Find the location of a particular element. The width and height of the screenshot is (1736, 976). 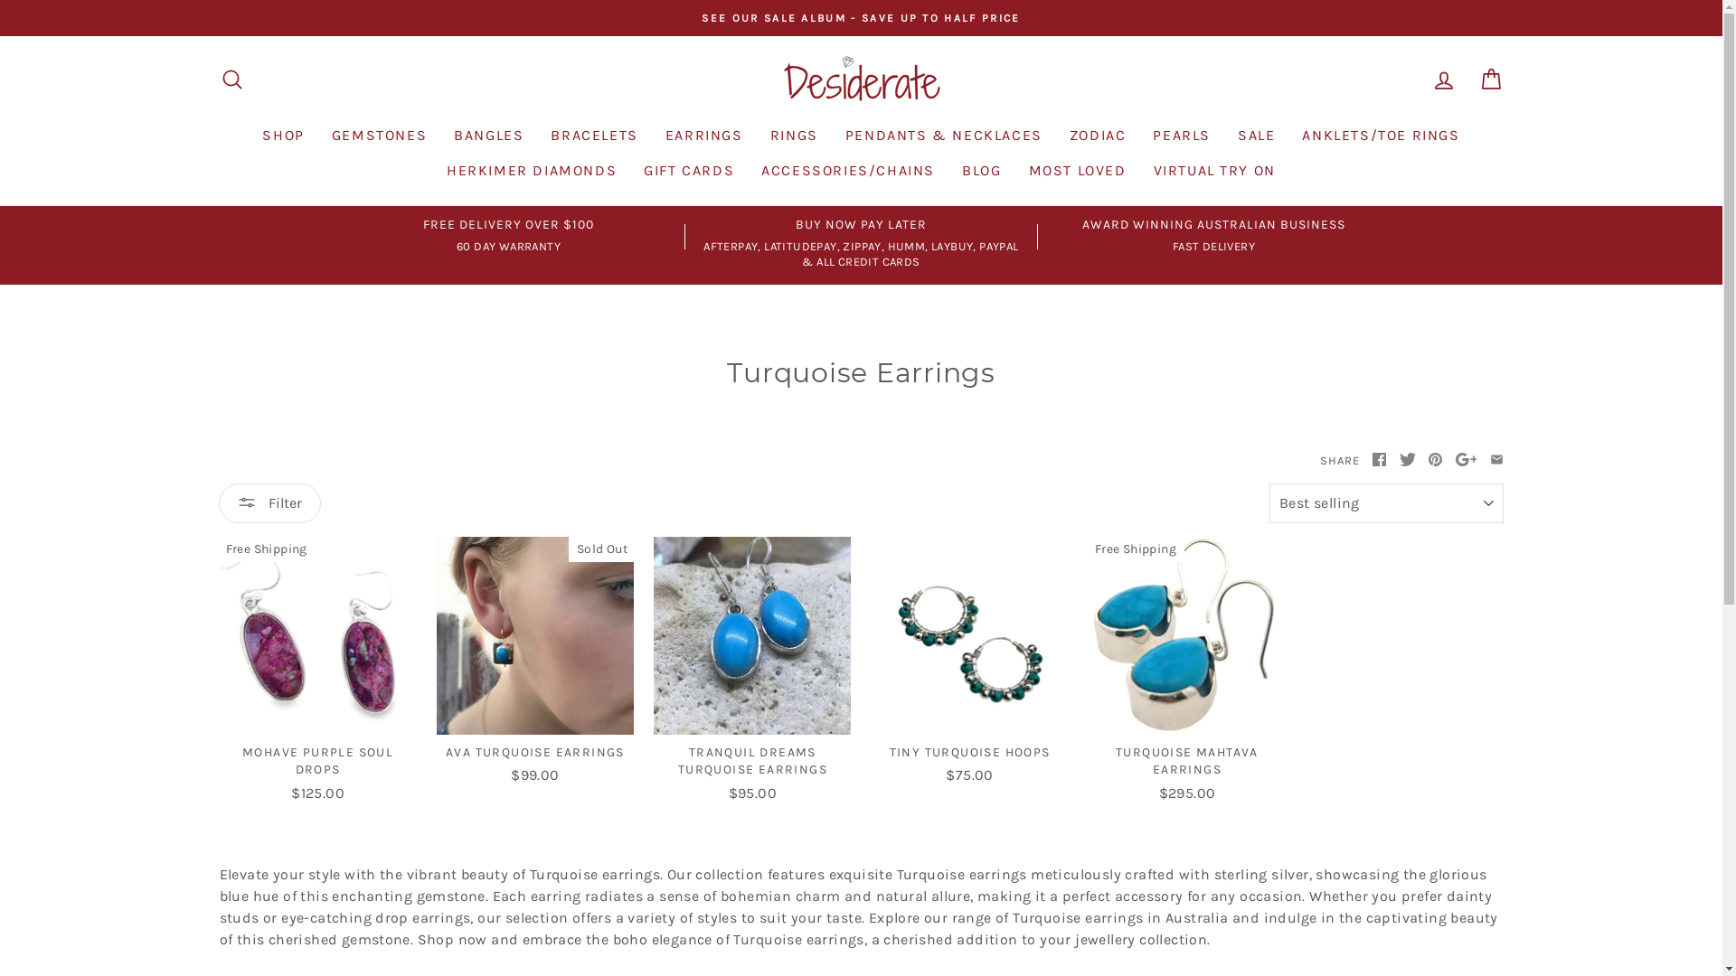

'Pinterest' is located at coordinates (1434, 459).